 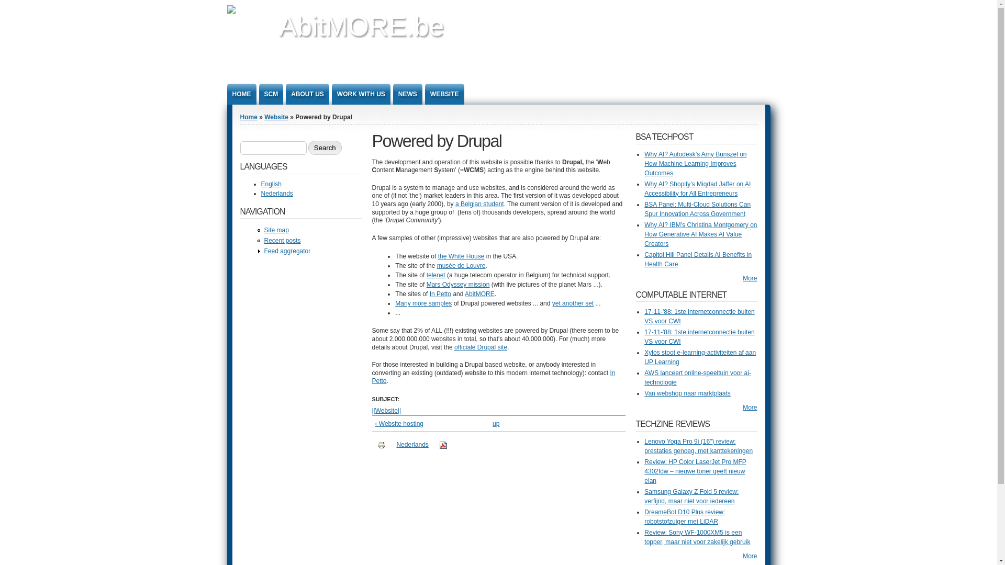 What do you see at coordinates (479, 294) in the screenshot?
I see `'AbitMORE'` at bounding box center [479, 294].